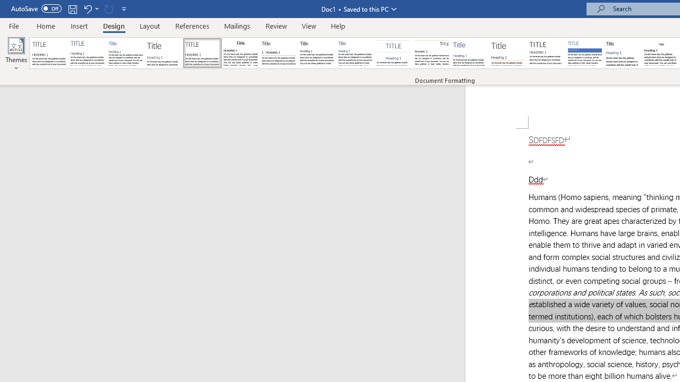  Describe the element at coordinates (164, 53) in the screenshot. I see `'Basic (Stylish)'` at that location.